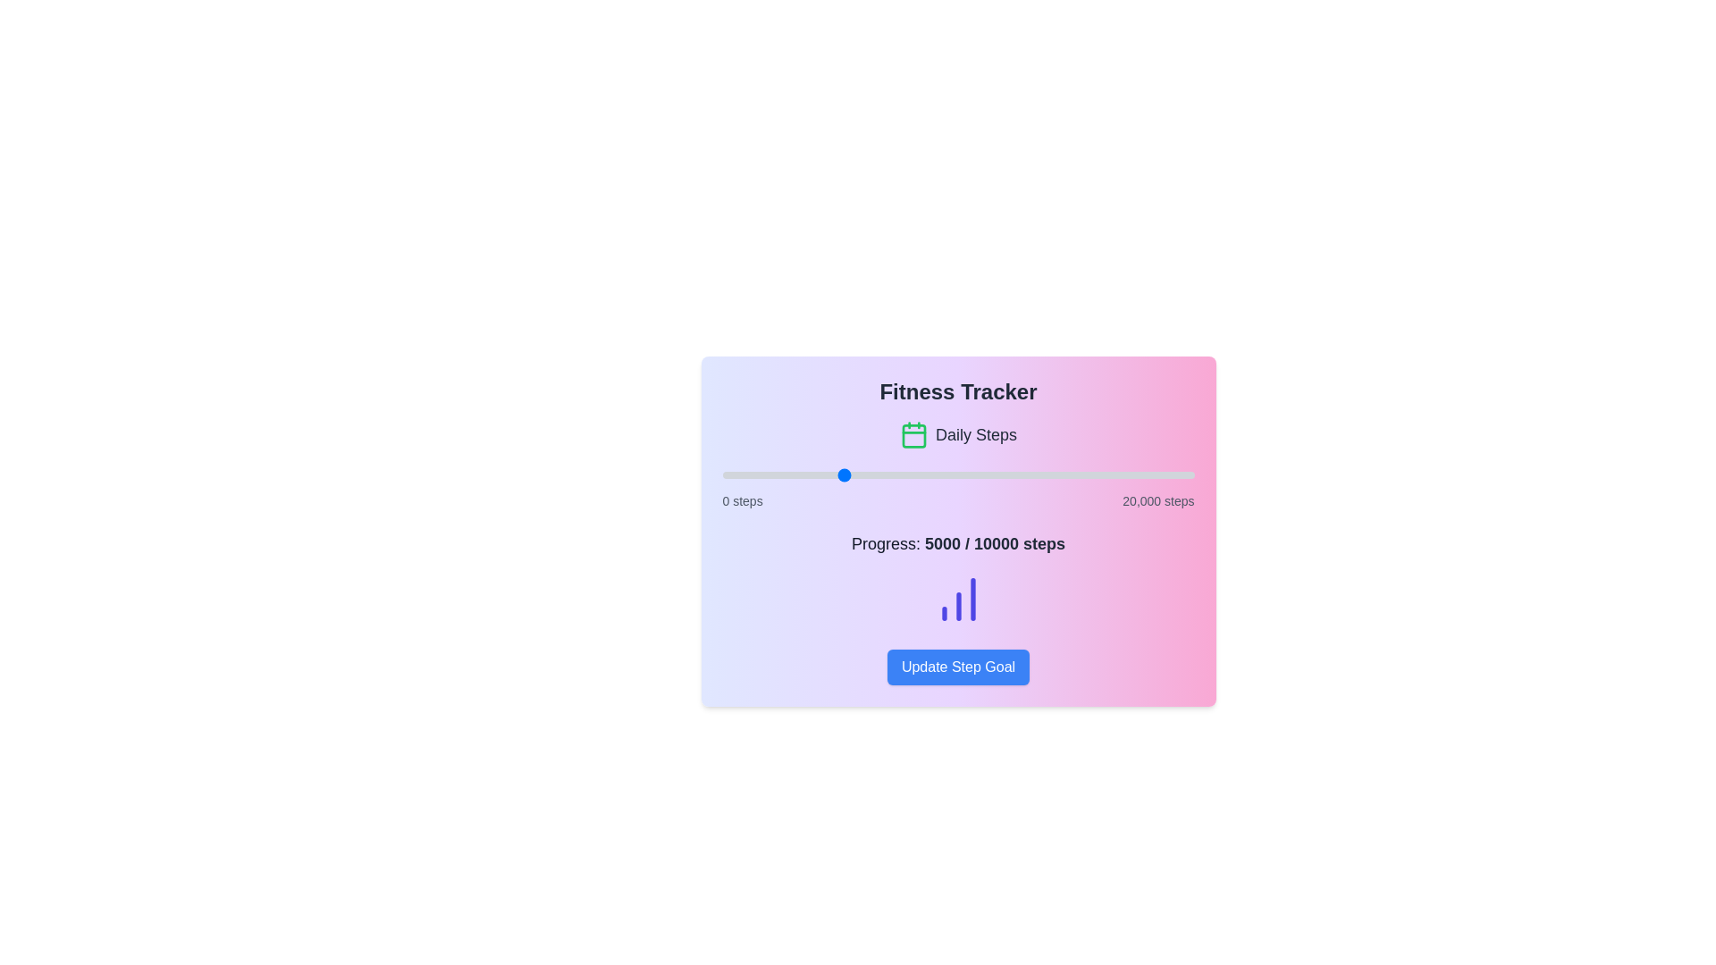  What do you see at coordinates (1021, 474) in the screenshot?
I see `the step progress slider to set the step count to 12672` at bounding box center [1021, 474].